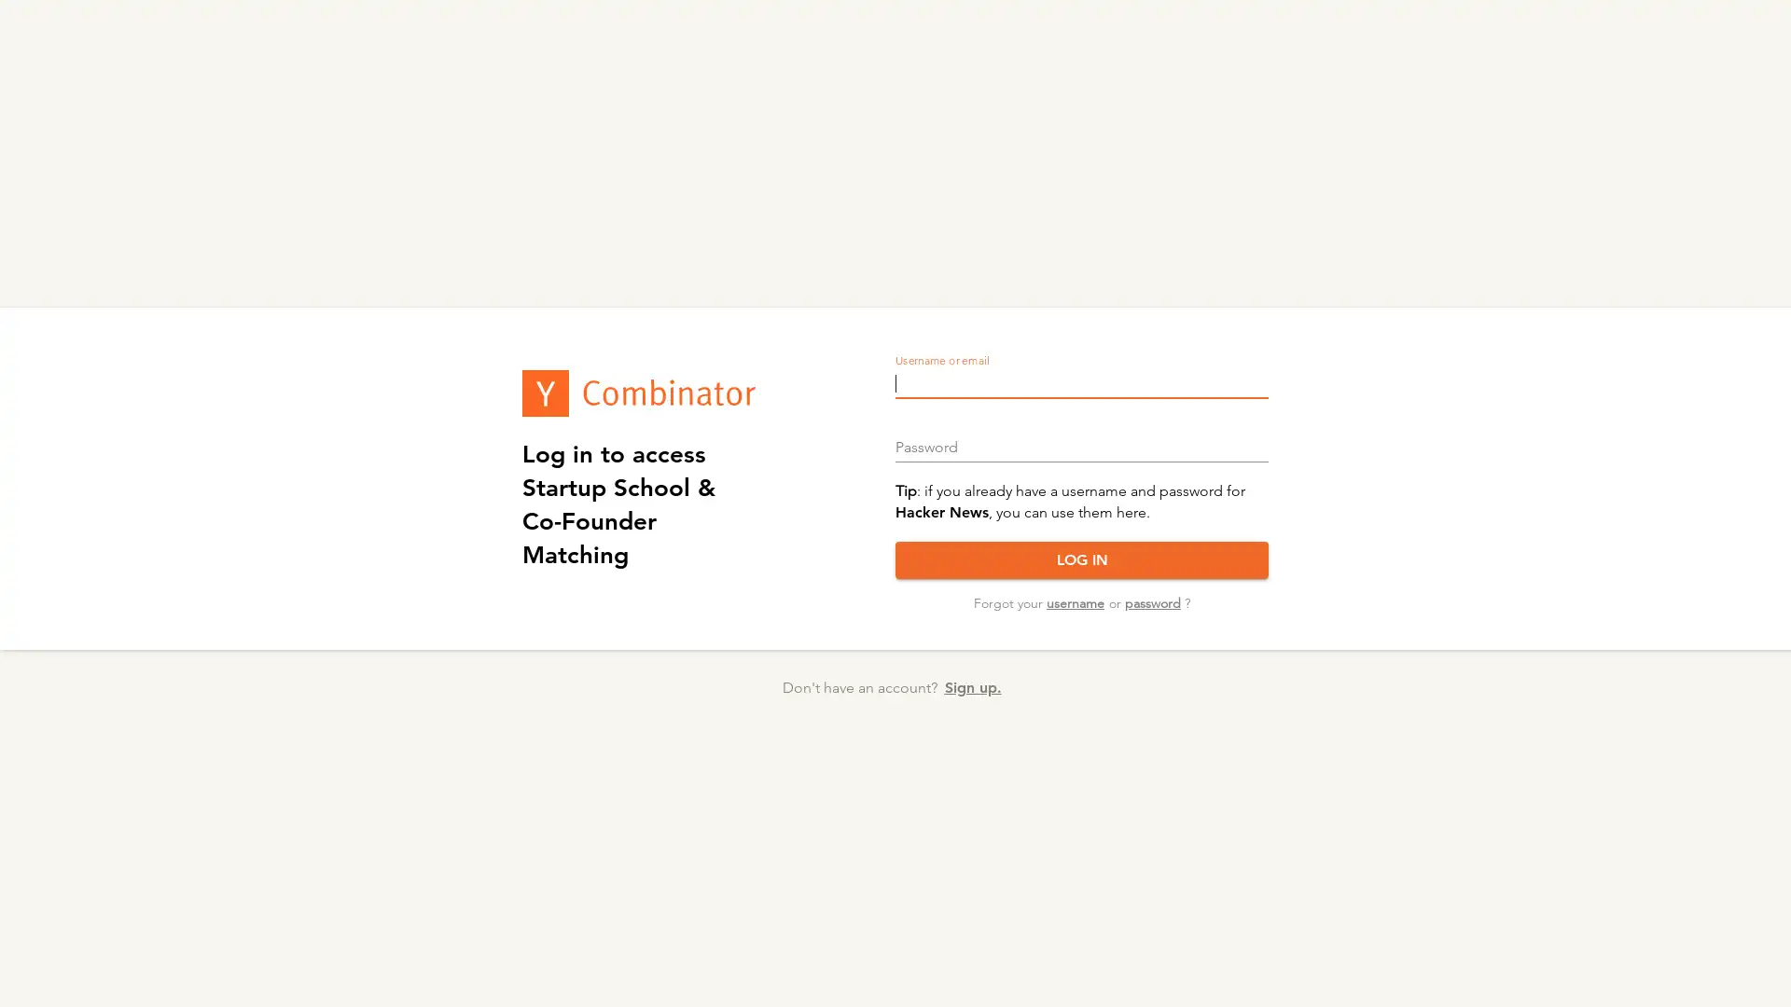  I want to click on LOG IN, so click(1082, 559).